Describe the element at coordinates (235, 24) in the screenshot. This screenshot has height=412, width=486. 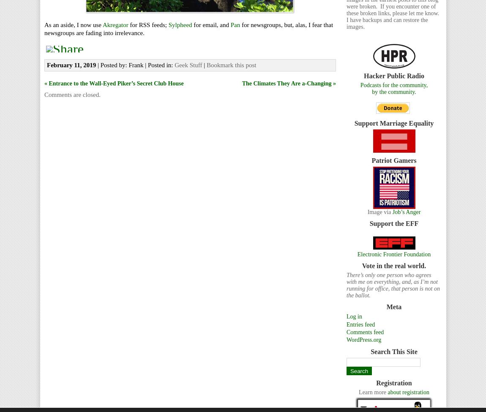
I see `'Pan'` at that location.